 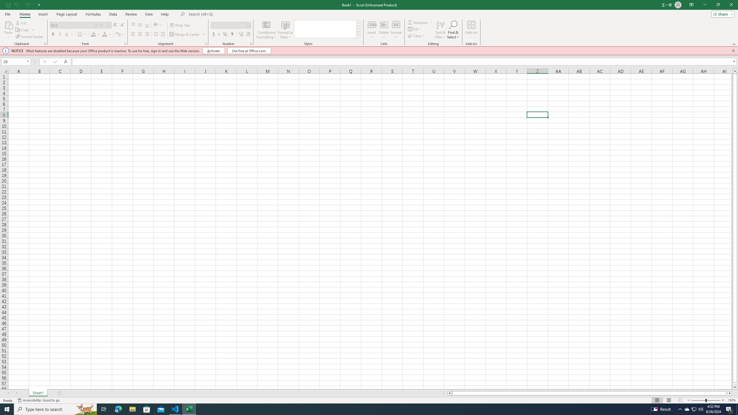 What do you see at coordinates (133, 34) in the screenshot?
I see `'Align Left'` at bounding box center [133, 34].